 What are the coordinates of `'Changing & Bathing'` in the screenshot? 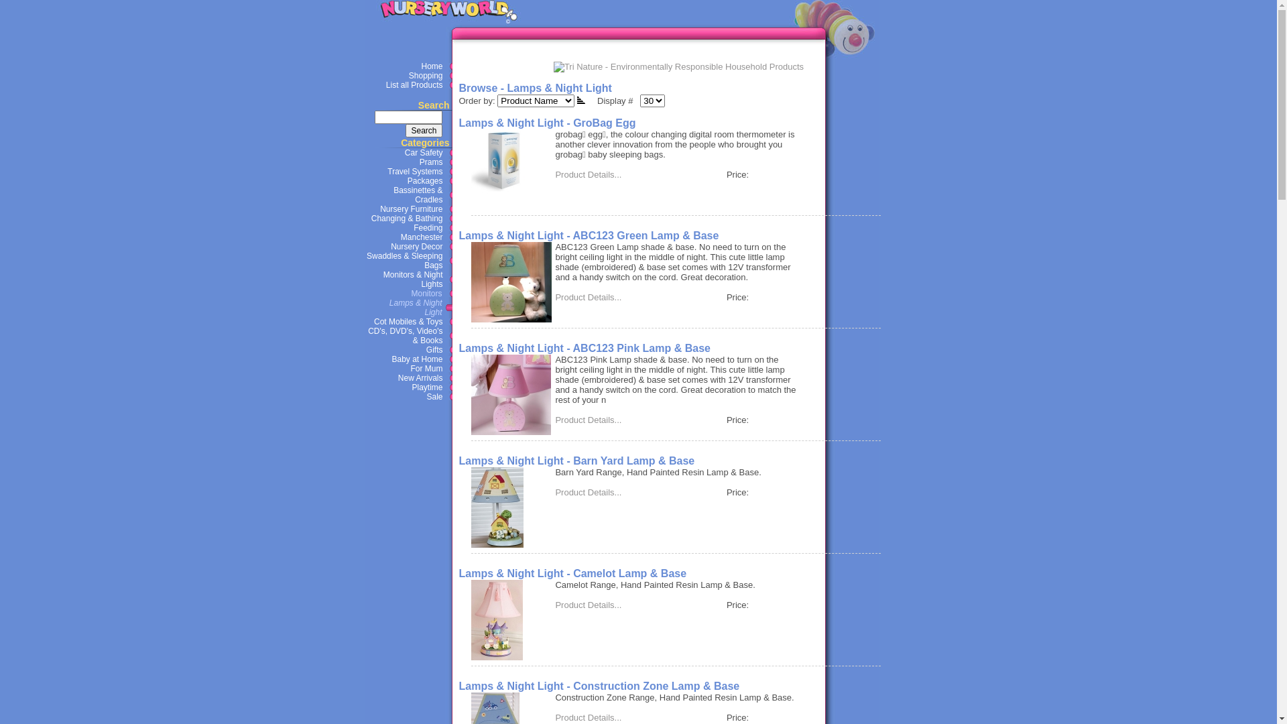 It's located at (408, 218).